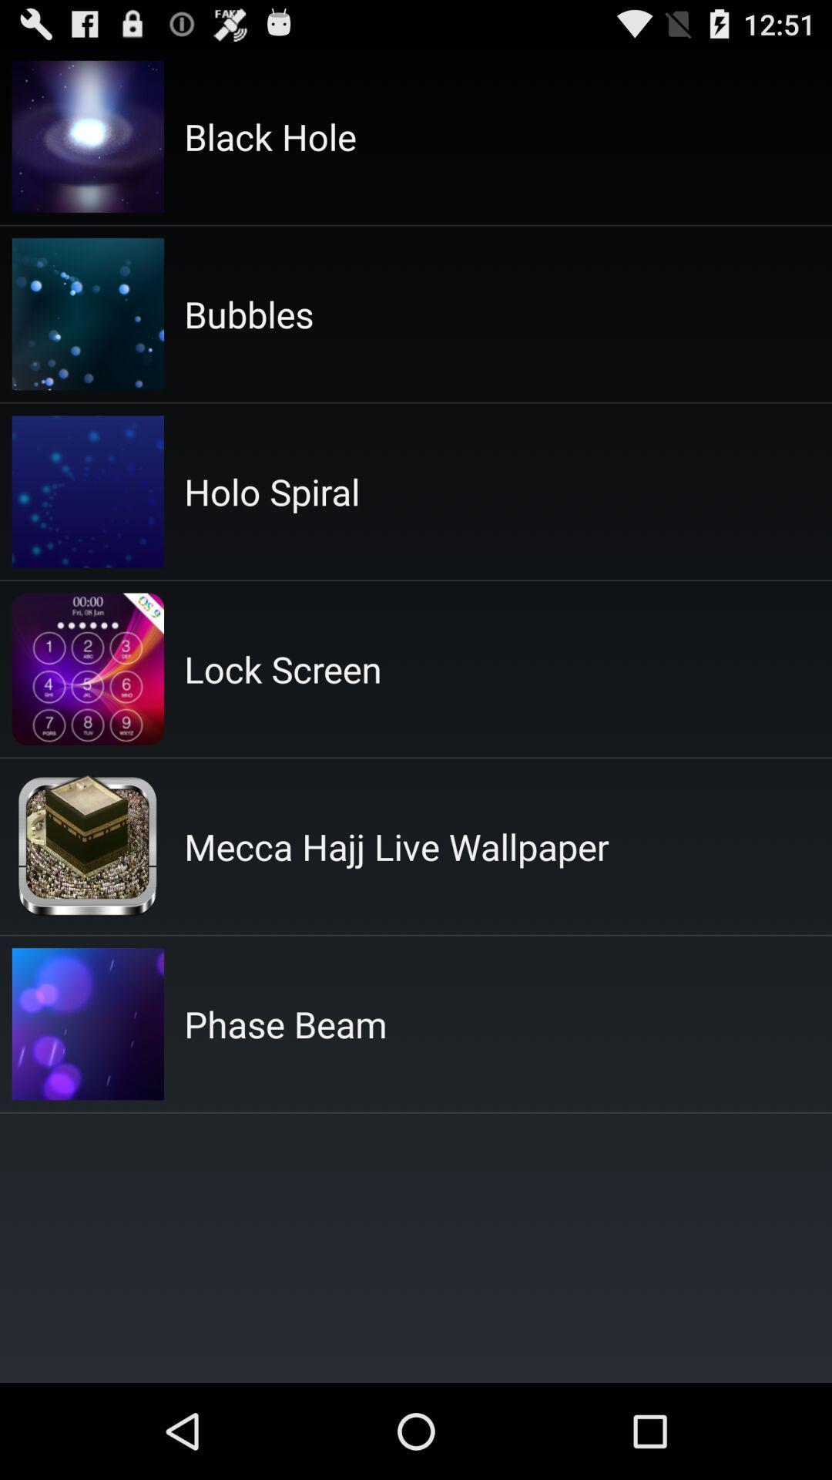 The image size is (832, 1480). What do you see at coordinates (271, 490) in the screenshot?
I see `the app below the bubbles app` at bounding box center [271, 490].